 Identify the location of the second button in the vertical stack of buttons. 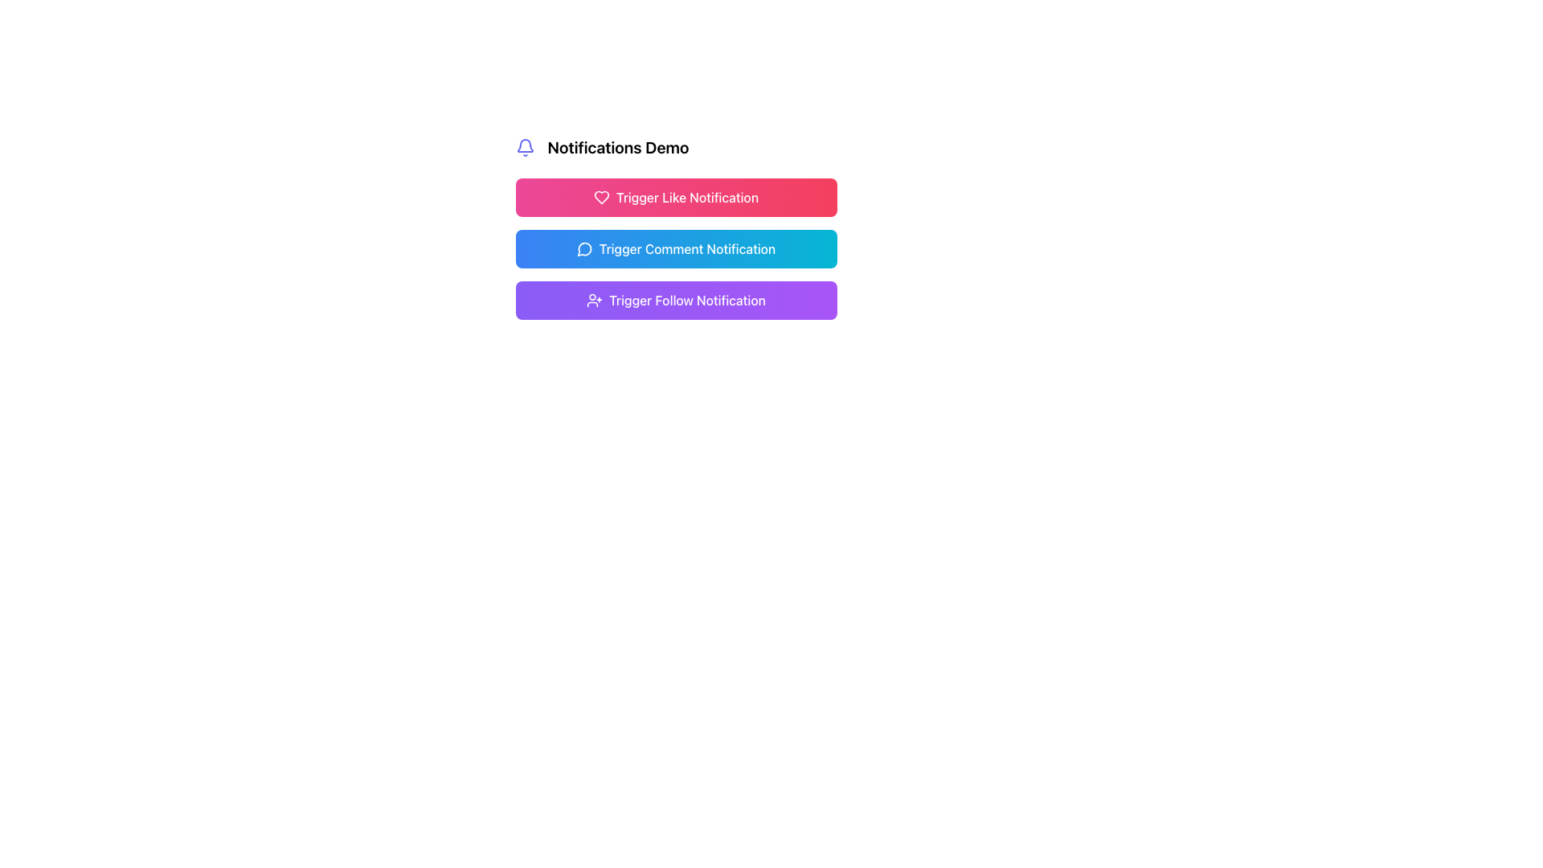
(676, 248).